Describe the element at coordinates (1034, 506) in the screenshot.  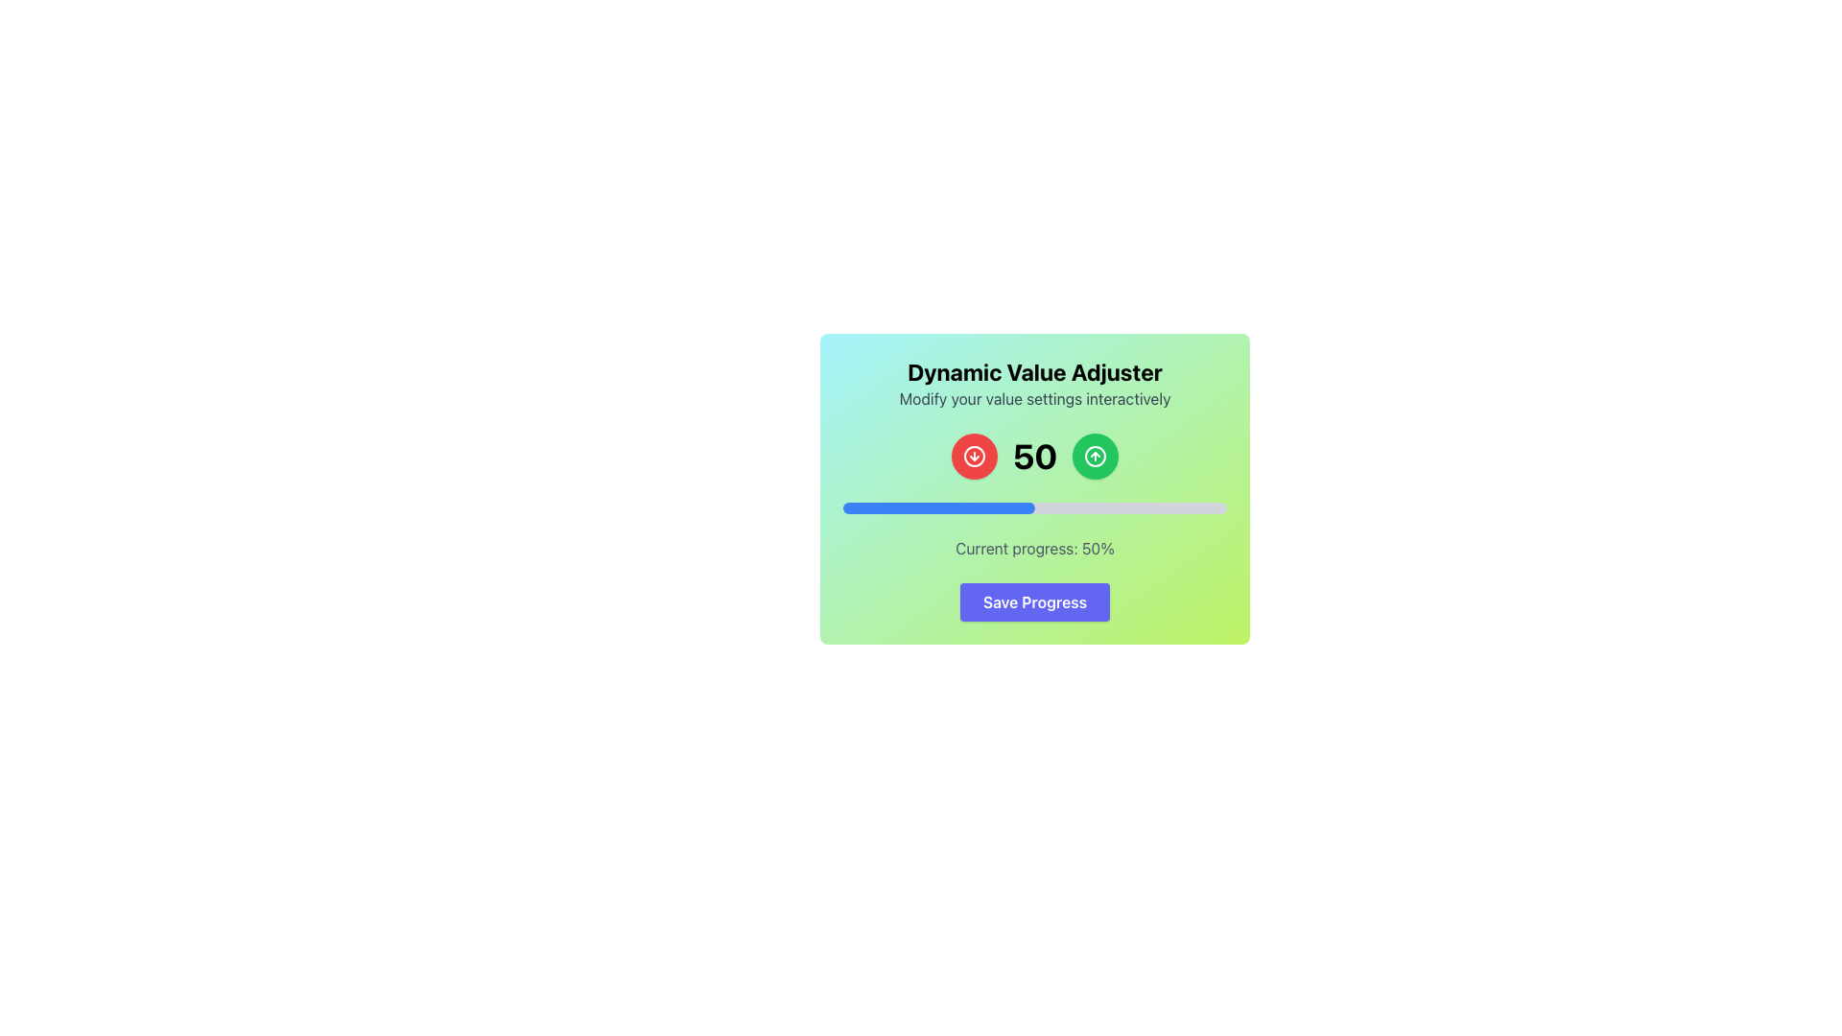
I see `the progress bar that visually represents the percentage progress, positioned below the numerical indicator '50' and above the text 'Current progress: 50%'` at that location.